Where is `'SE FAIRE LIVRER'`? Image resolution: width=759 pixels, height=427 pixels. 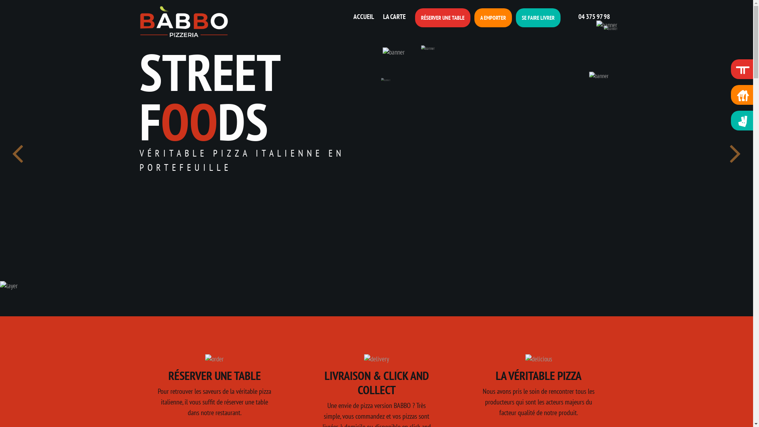 'SE FAIRE LIVRER' is located at coordinates (538, 18).